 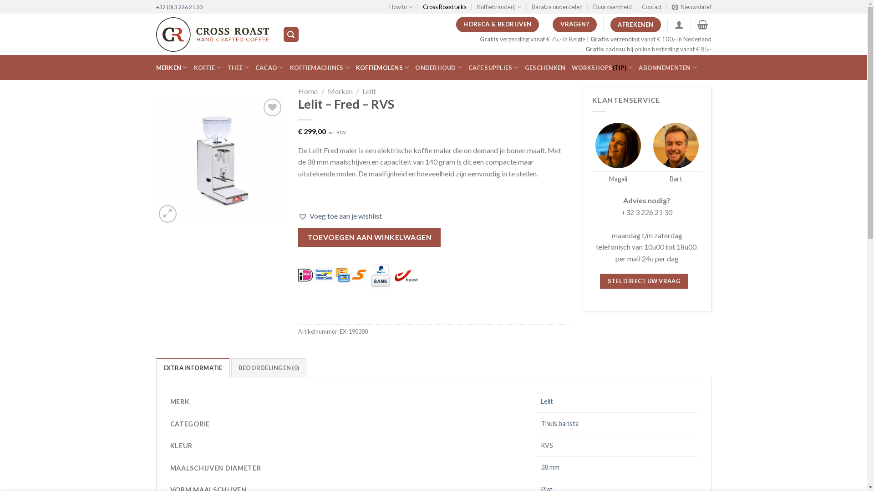 I want to click on 'Winkelwagen', so click(x=696, y=24).